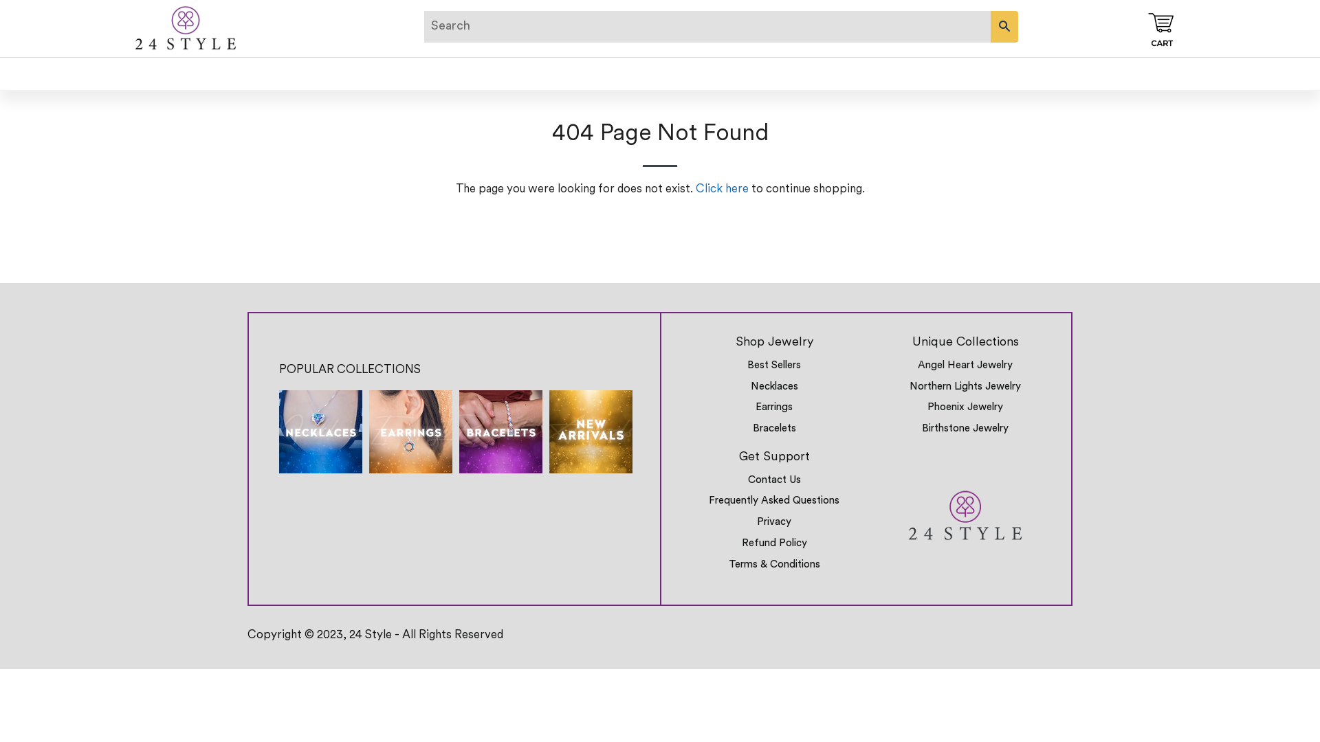  Describe the element at coordinates (774, 387) in the screenshot. I see `'Necklaces'` at that location.